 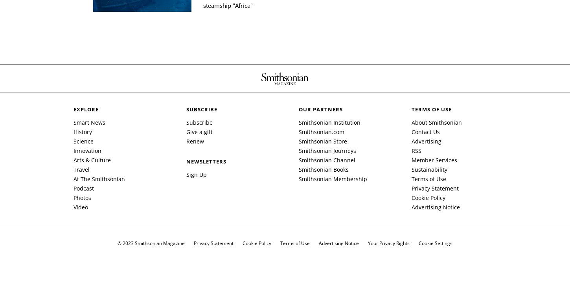 I want to click on 'Smithsonian Books', so click(x=298, y=169).